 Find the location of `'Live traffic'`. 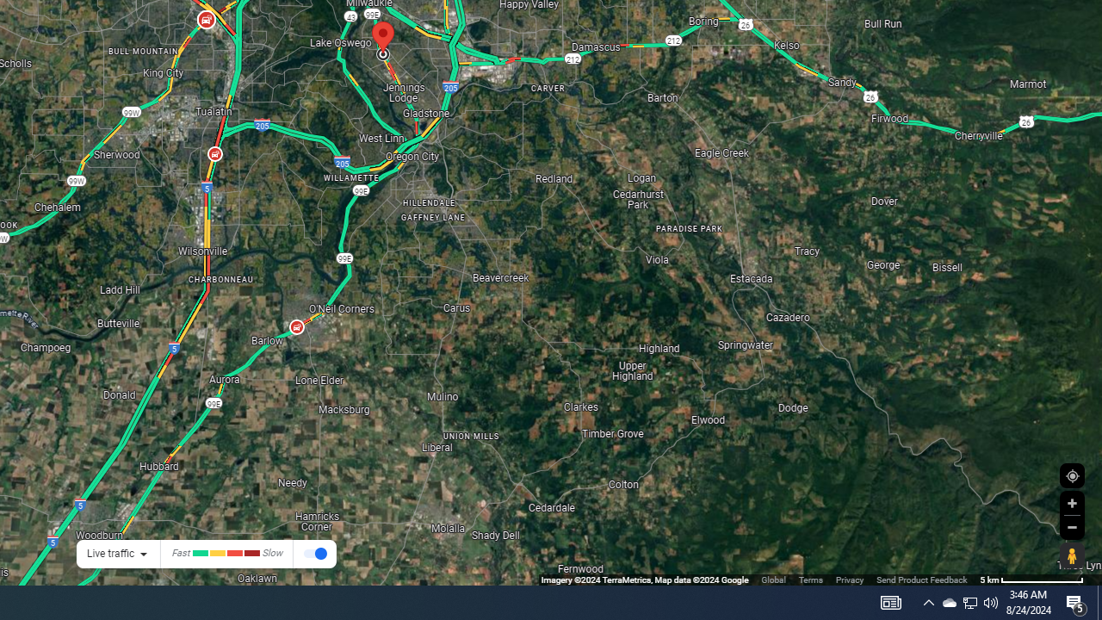

'Live traffic' is located at coordinates (109, 553).